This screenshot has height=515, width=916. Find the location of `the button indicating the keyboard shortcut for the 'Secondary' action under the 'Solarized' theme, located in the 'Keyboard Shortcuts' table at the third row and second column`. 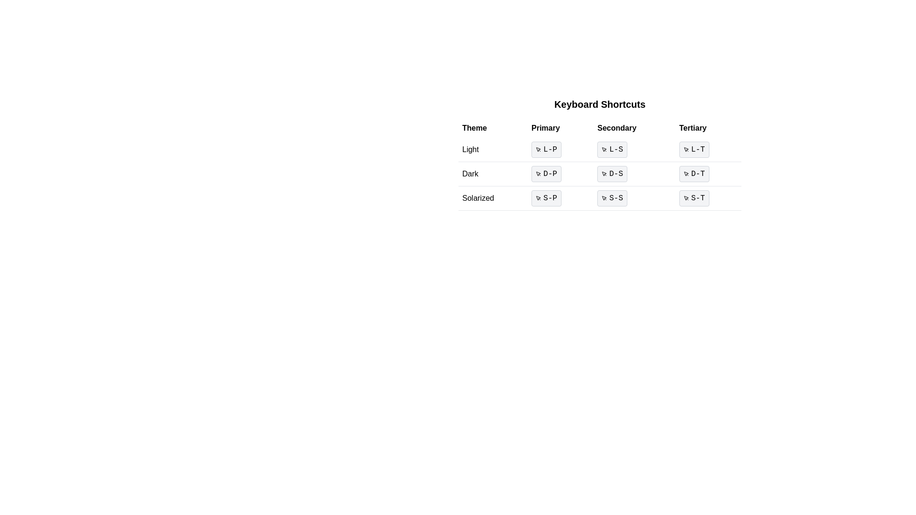

the button indicating the keyboard shortcut for the 'Secondary' action under the 'Solarized' theme, located in the 'Keyboard Shortcuts' table at the third row and second column is located at coordinates (634, 198).